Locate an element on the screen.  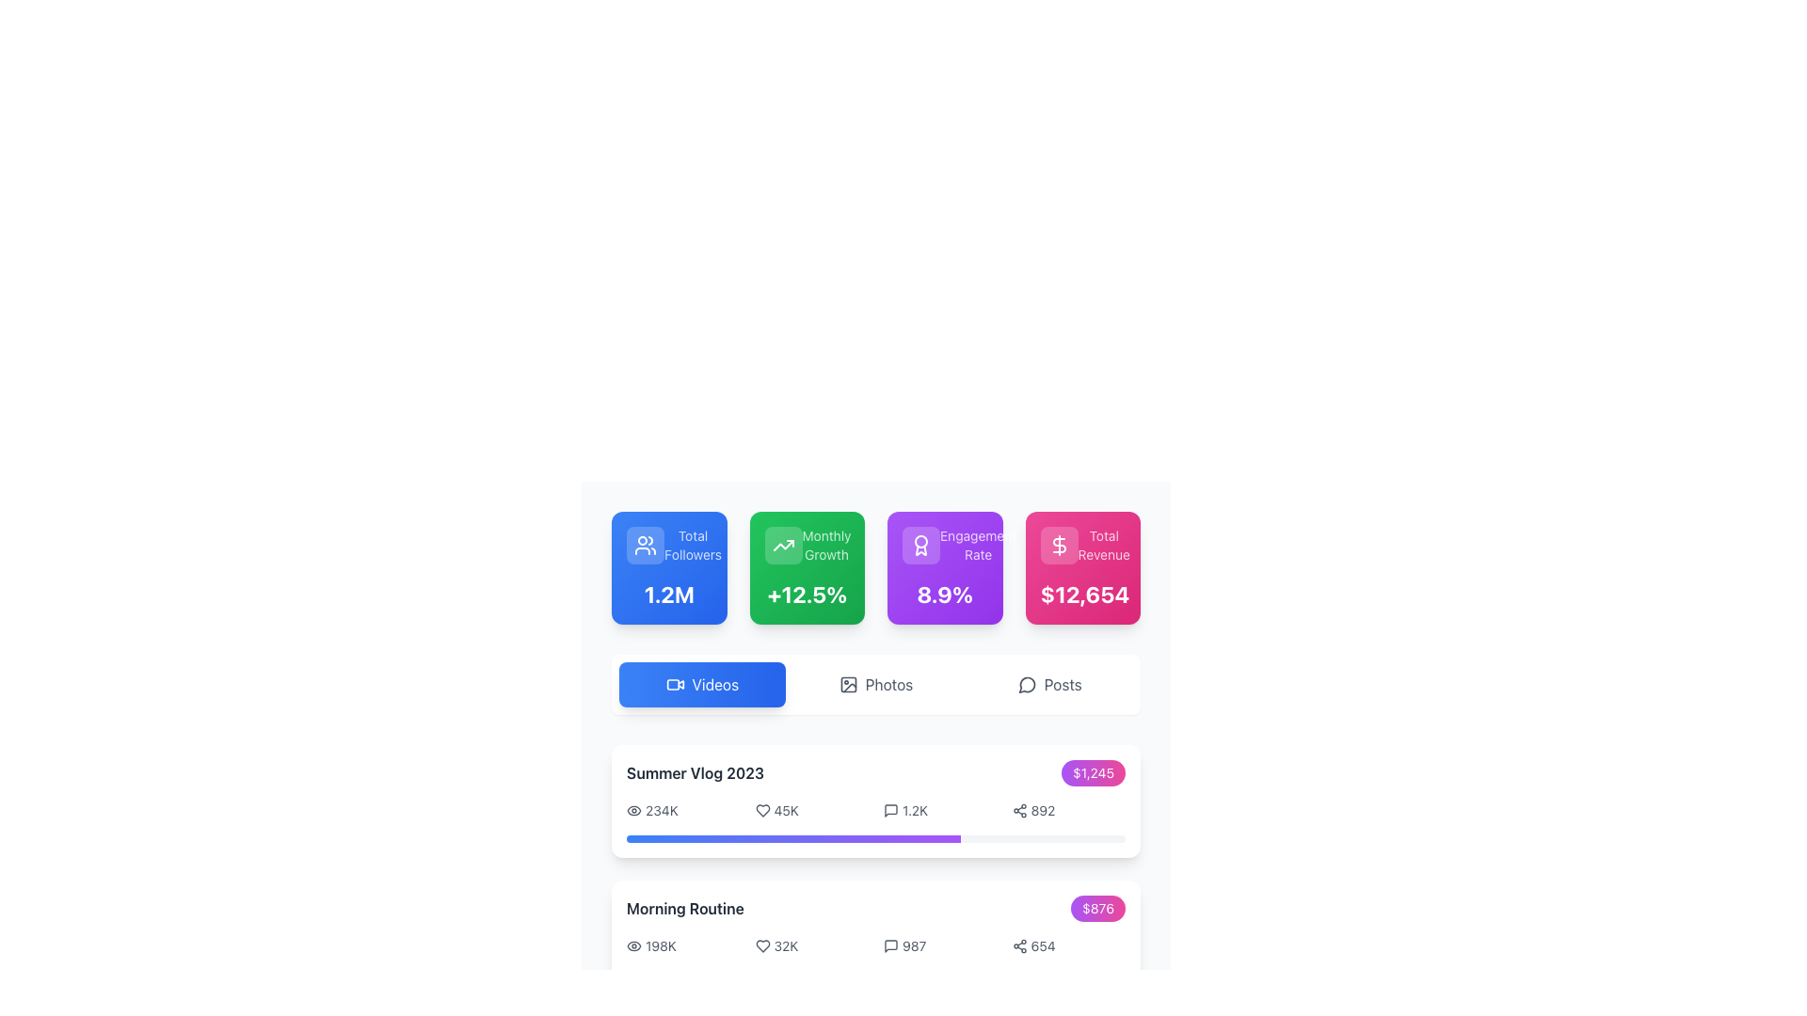
the icon representing the number of comments for the 'Summer Vlog 2023' is located at coordinates (889, 809).